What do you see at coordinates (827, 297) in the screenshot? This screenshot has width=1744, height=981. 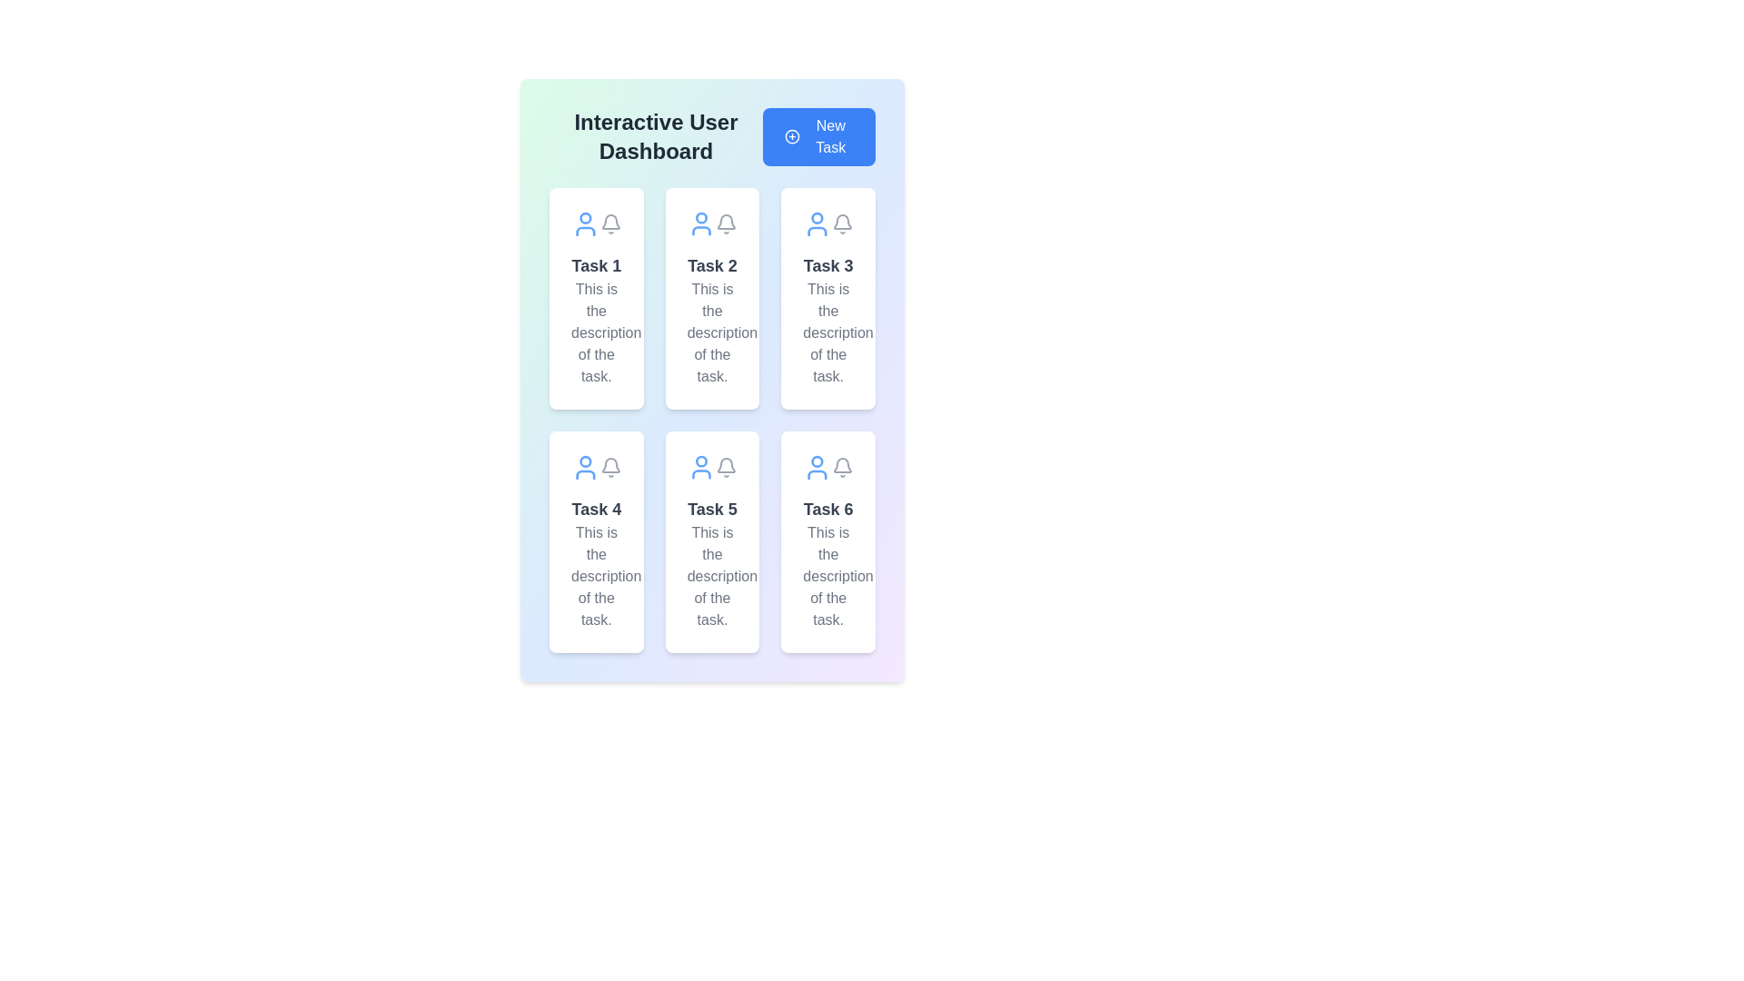 I see `the card labeled 'Task 3' which is located in the third column of the first row of the grid layout` at bounding box center [827, 297].